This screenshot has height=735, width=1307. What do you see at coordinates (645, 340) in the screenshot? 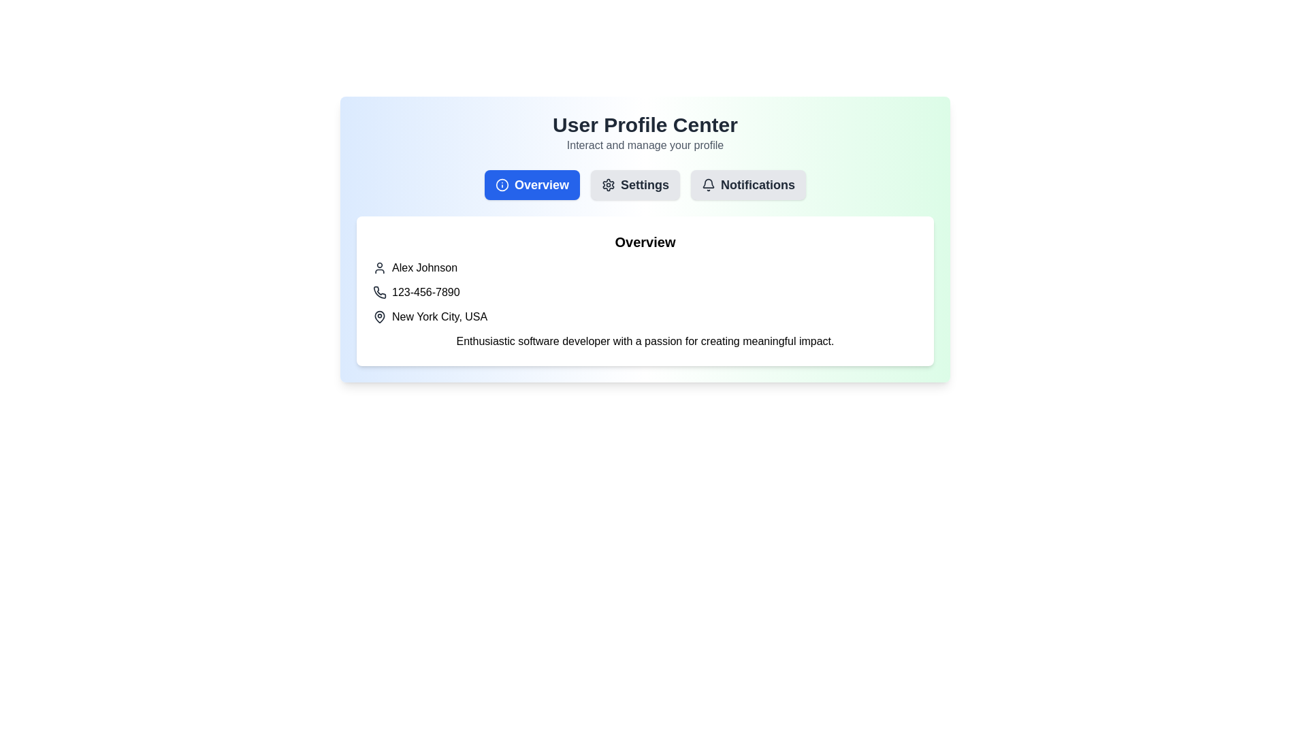
I see `the Text block located at the bottom of the 'Overview' section of the profile page, just below the 'New York City, USA' text` at bounding box center [645, 340].